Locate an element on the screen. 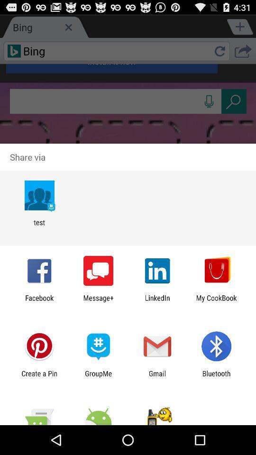 Image resolution: width=256 pixels, height=455 pixels. icon to the left of the my cookbook icon is located at coordinates (157, 301).